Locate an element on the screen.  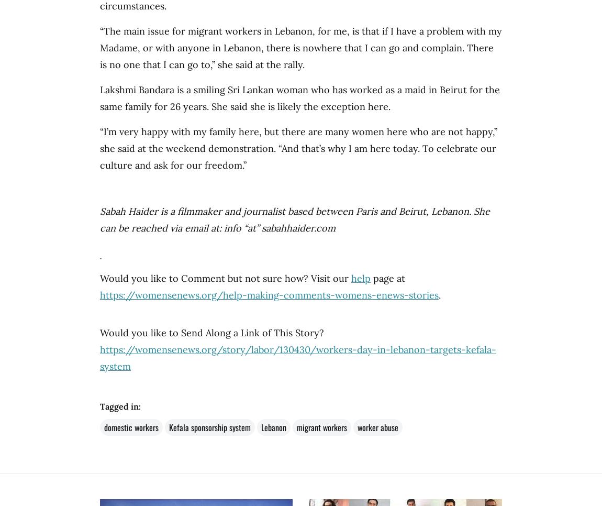
'Lakshmi Bandara' is located at coordinates (136, 89).